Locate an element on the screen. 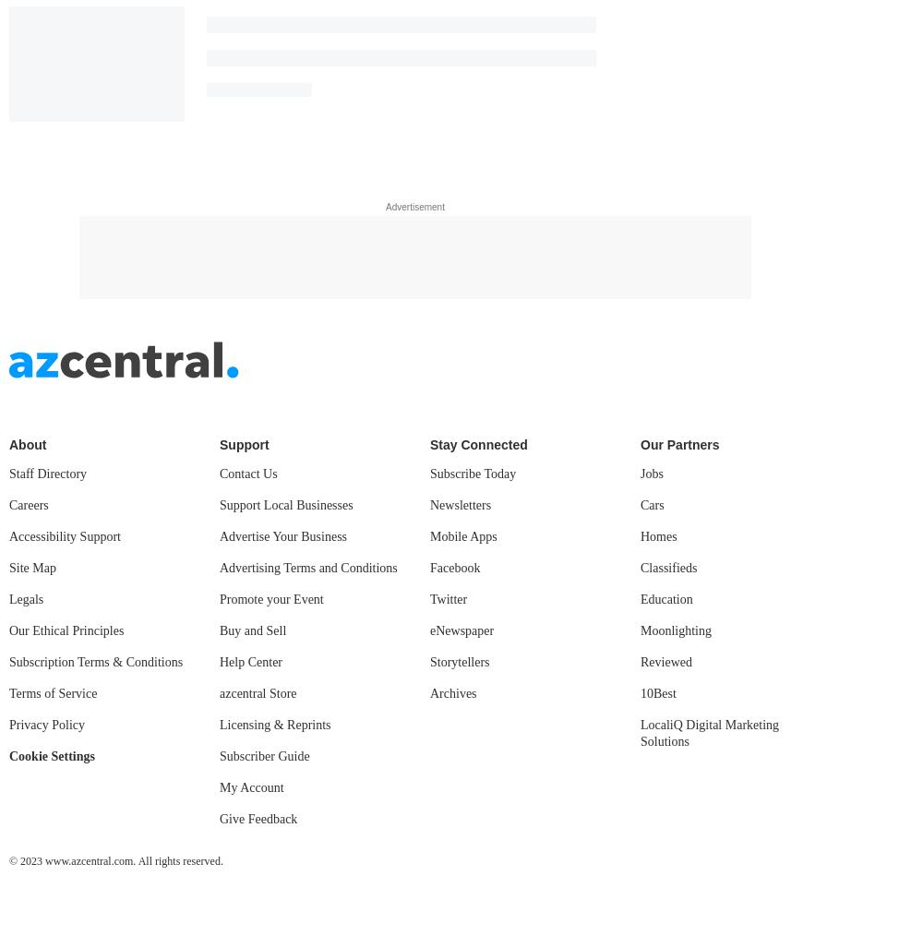  'Accessibility Support' is located at coordinates (64, 534).